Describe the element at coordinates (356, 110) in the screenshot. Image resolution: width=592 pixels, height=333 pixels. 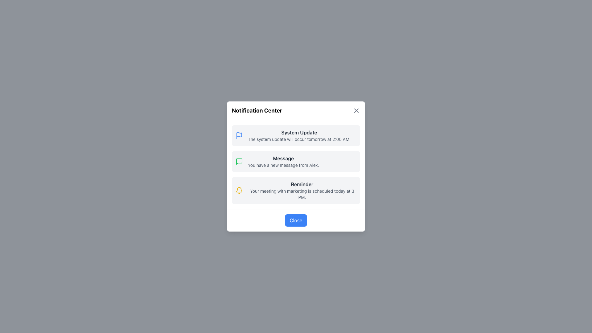
I see `the small square button with a prominent 'X' icon located in the top-right corner of the 'Notification Center' modal` at that location.